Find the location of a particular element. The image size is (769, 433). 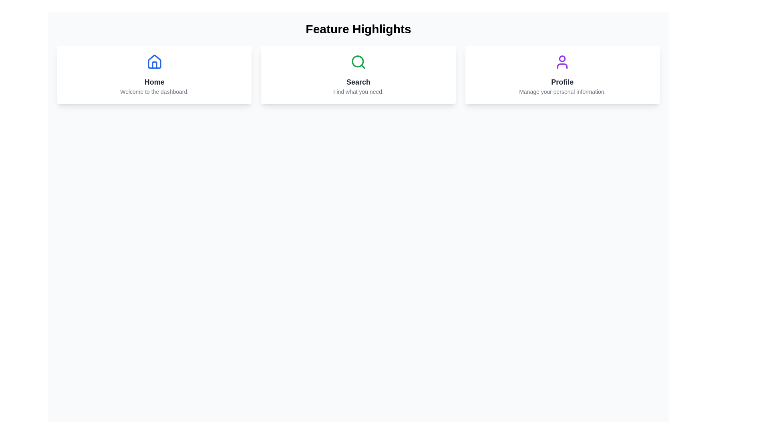

the text label reading 'Manage your personal information.' which is styled with gray text and located beneath the 'Profile' title in the third card of the interface is located at coordinates (562, 91).